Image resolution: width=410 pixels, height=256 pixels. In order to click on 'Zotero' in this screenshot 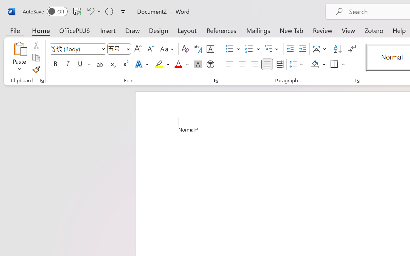, I will do `click(374, 30)`.